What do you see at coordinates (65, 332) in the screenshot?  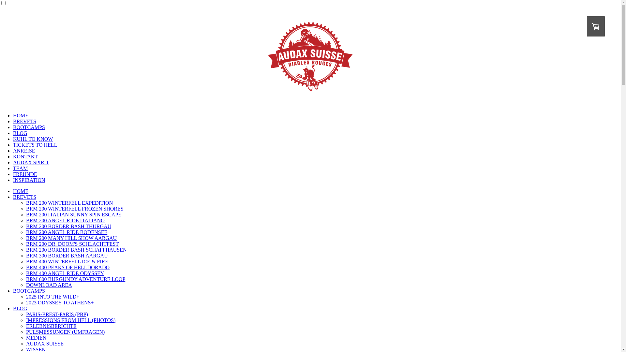 I see `'PULSMESSUNGEN (UMFRAGEN)'` at bounding box center [65, 332].